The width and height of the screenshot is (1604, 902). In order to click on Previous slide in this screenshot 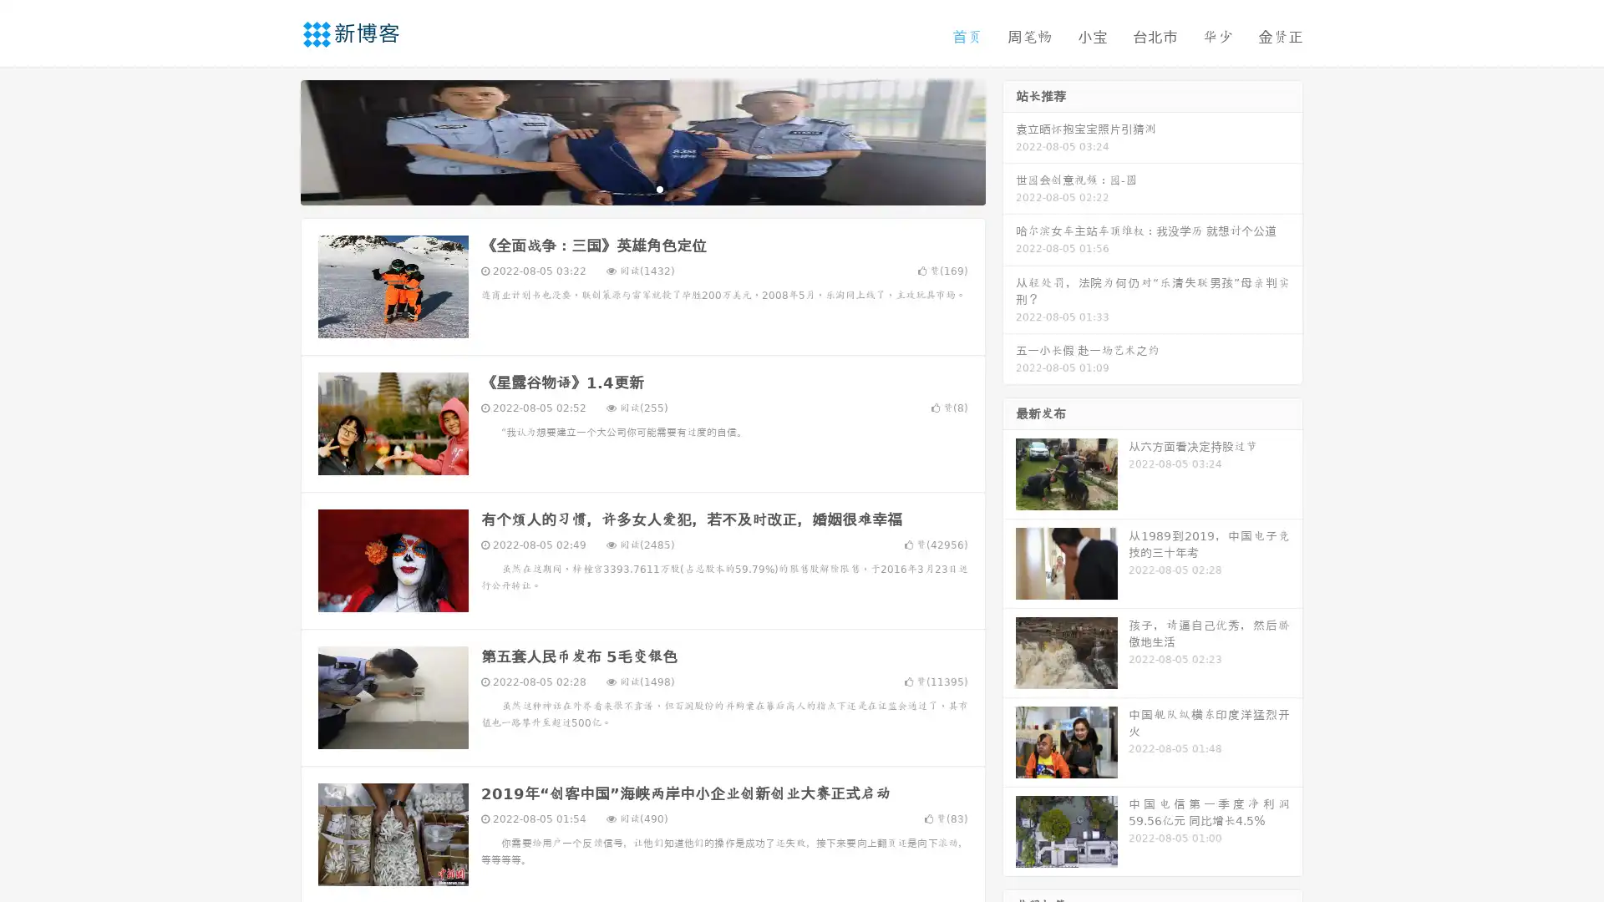, I will do `click(276, 140)`.